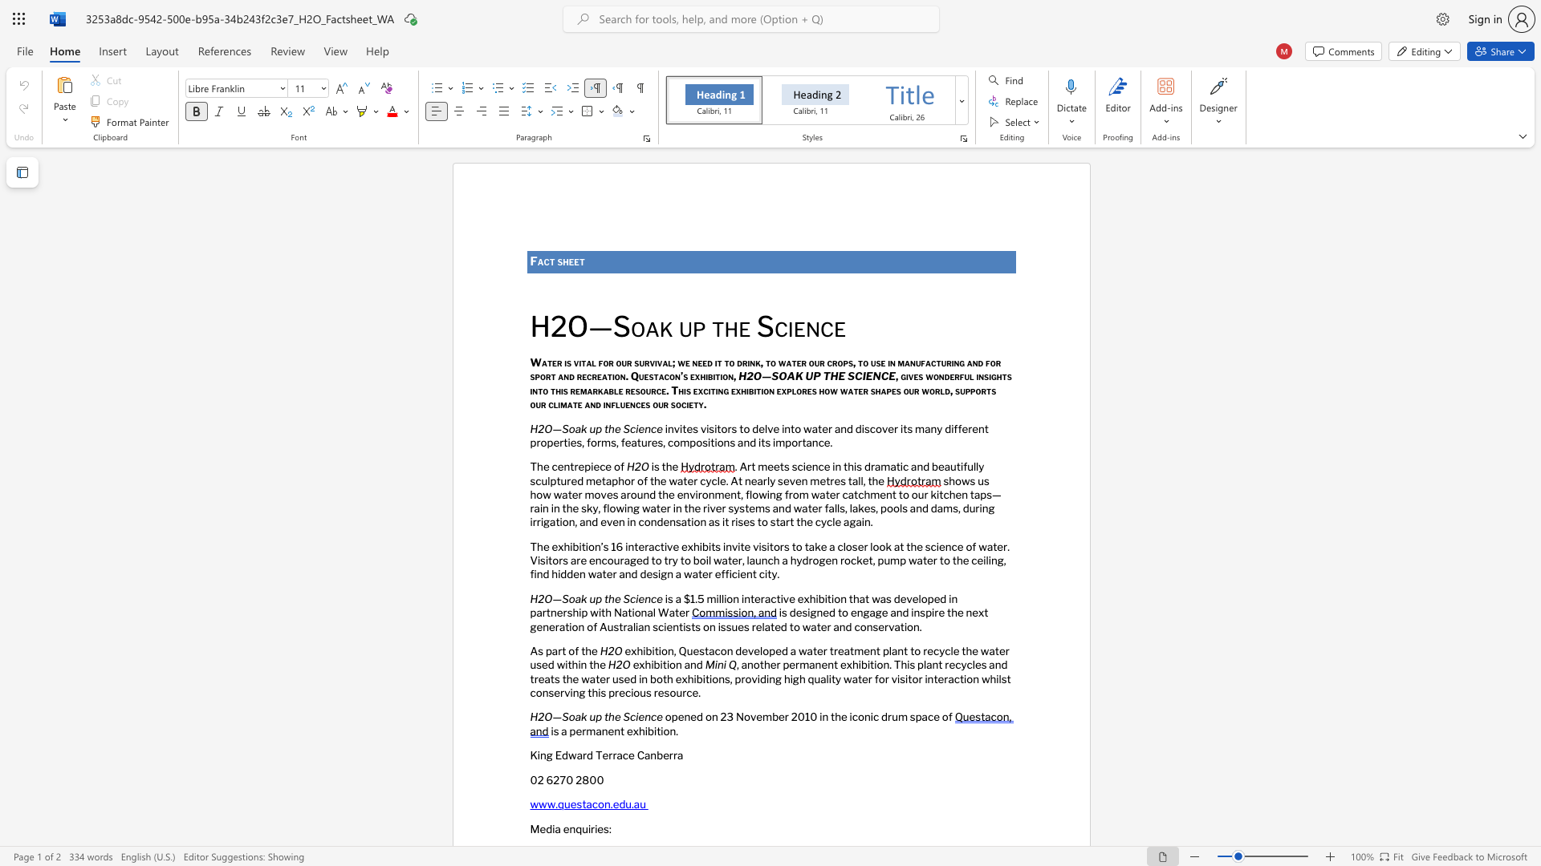  What do you see at coordinates (779, 376) in the screenshot?
I see `the space between the continuous character "S" and "O" in the text` at bounding box center [779, 376].